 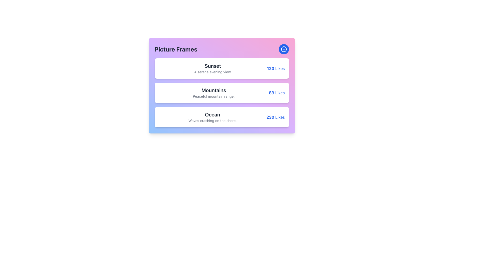 What do you see at coordinates (214, 93) in the screenshot?
I see `the Informational Text Block that contains the bold text 'Mountains' and the description 'Peaceful mountain range.'` at bounding box center [214, 93].